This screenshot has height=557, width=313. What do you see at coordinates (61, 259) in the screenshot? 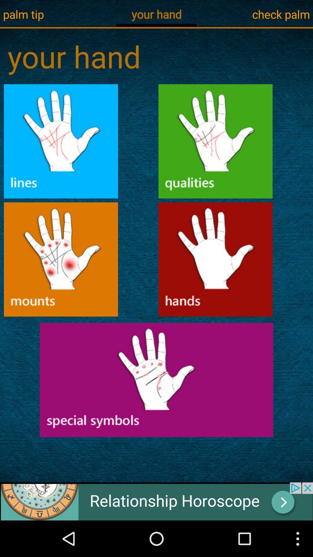
I see `choose mounts` at bounding box center [61, 259].